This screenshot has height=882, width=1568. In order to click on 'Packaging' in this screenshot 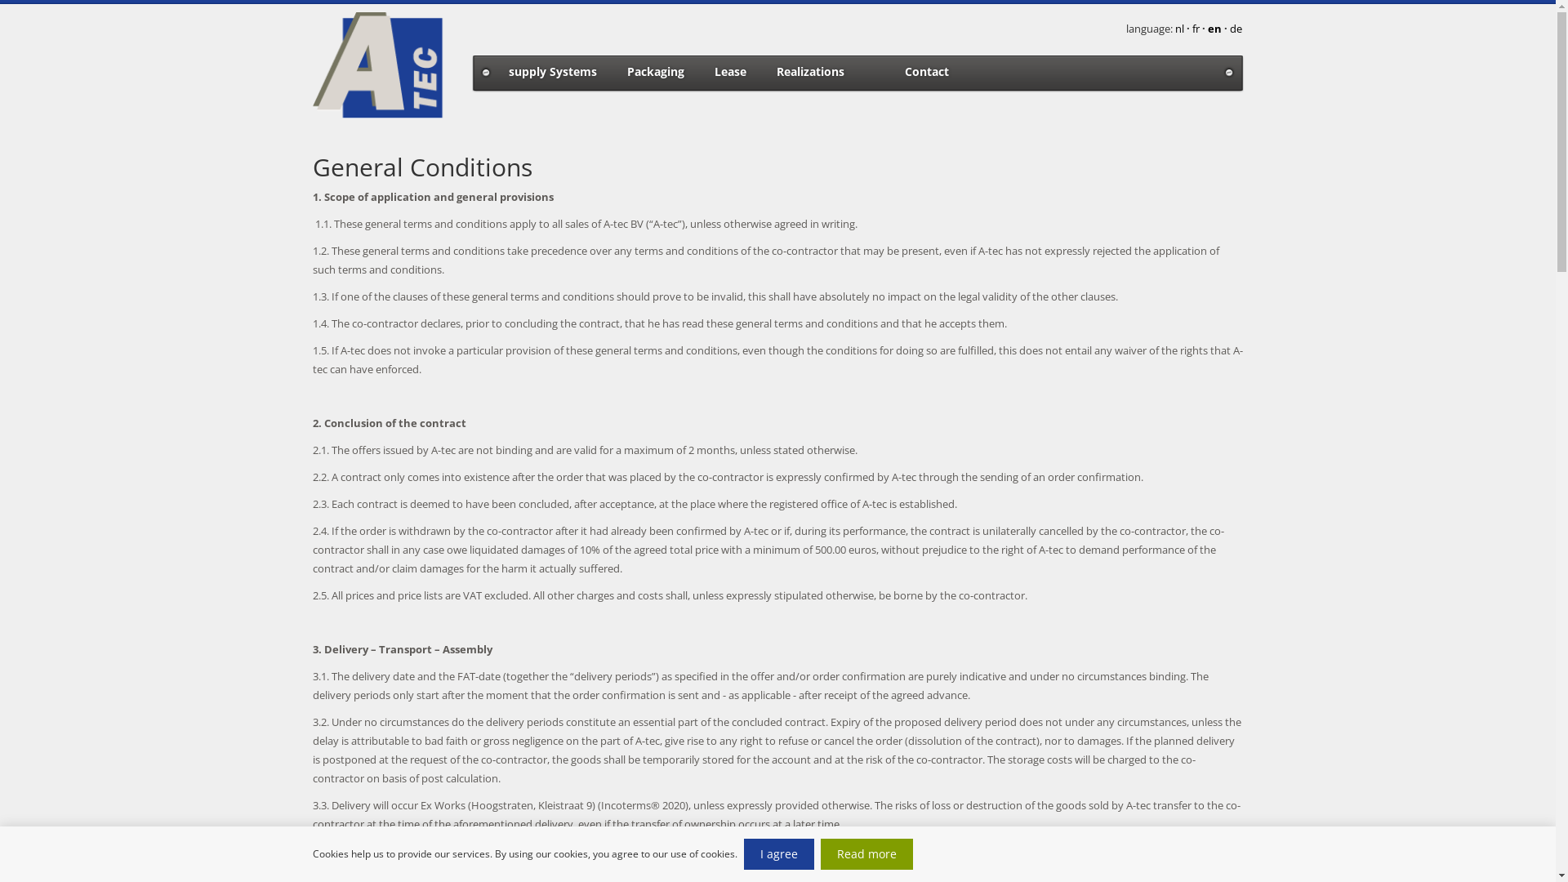, I will do `click(655, 70)`.